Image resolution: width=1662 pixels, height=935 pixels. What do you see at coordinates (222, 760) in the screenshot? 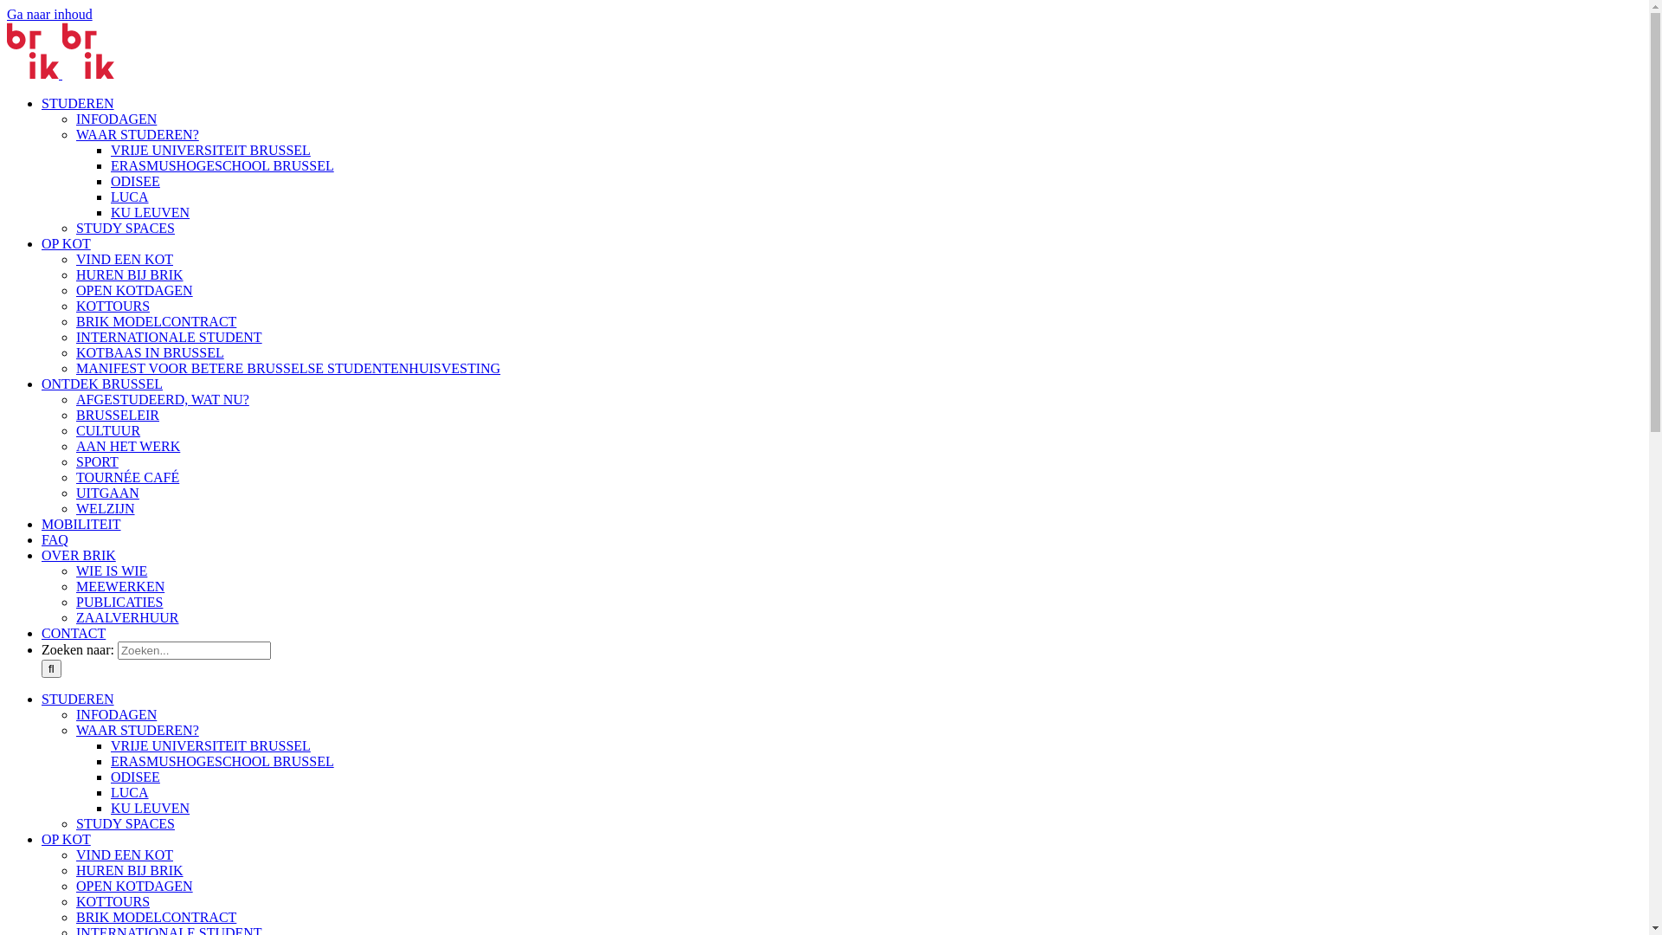
I see `'ERASMUSHOGESCHOOL BRUSSEL'` at bounding box center [222, 760].